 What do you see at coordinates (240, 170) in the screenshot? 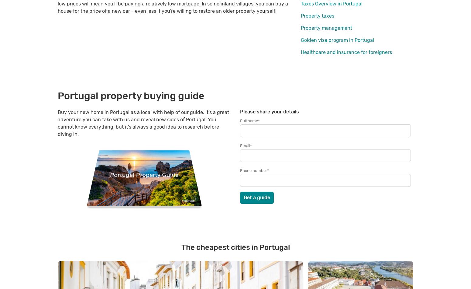
I see `'Phone number'` at bounding box center [240, 170].